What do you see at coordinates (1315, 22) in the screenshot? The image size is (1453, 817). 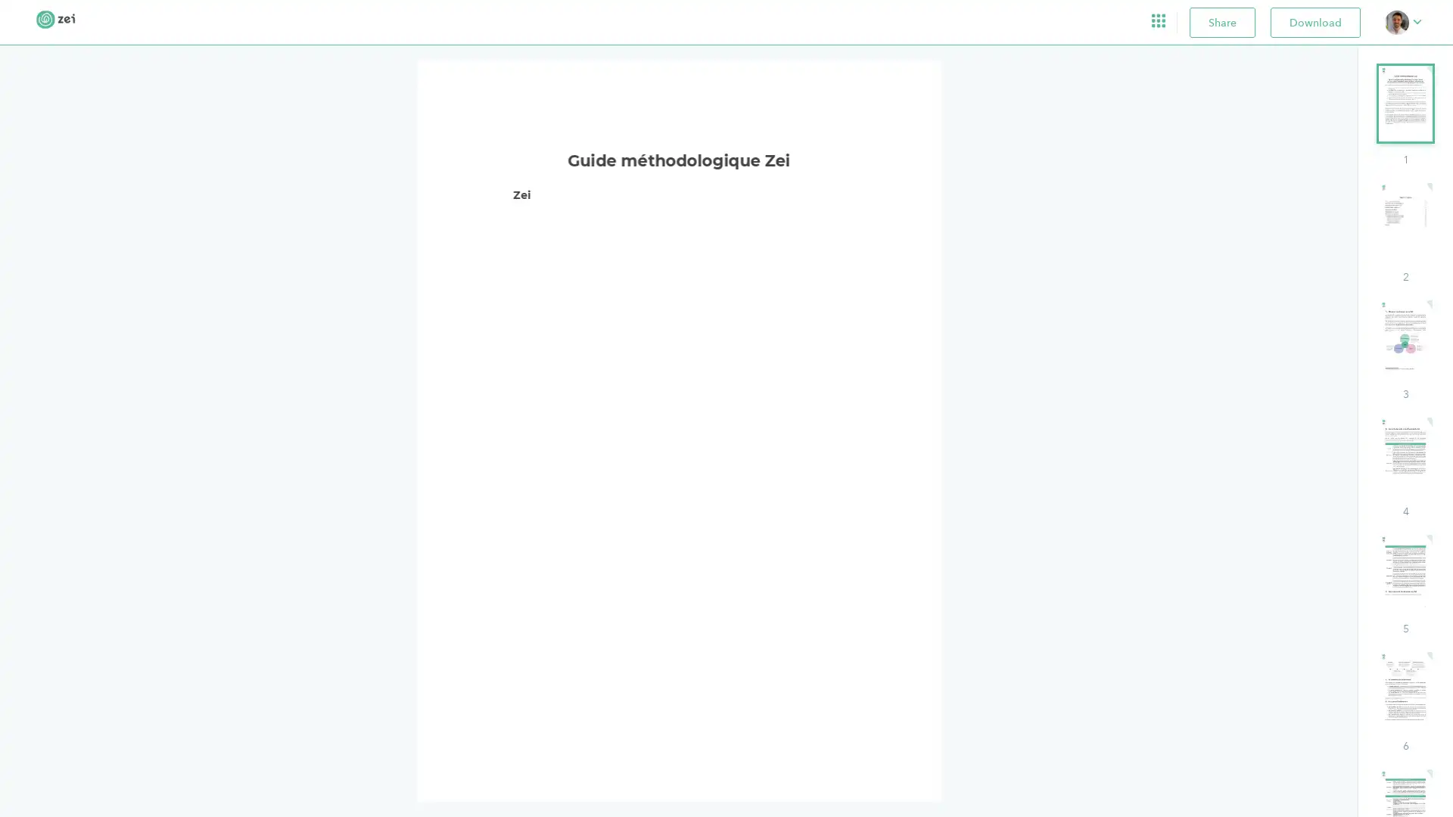 I see `Download this document to your computer` at bounding box center [1315, 22].